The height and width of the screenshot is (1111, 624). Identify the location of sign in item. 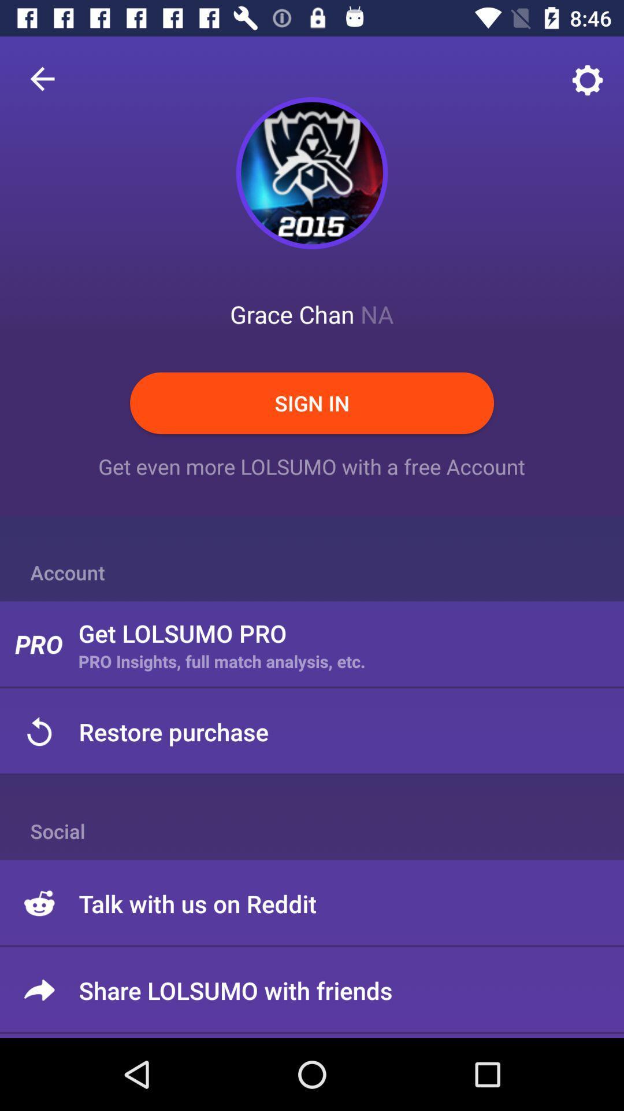
(312, 403).